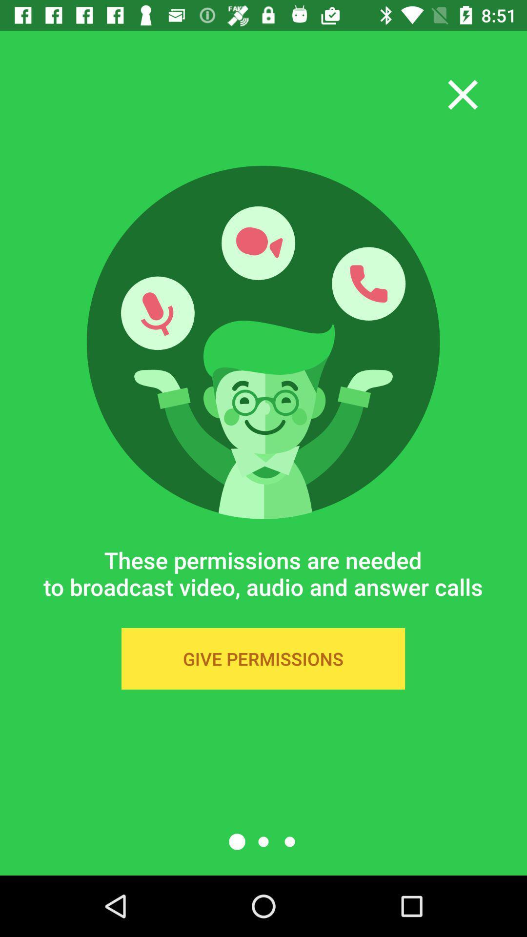  Describe the element at coordinates (263, 658) in the screenshot. I see `the give permissions item` at that location.